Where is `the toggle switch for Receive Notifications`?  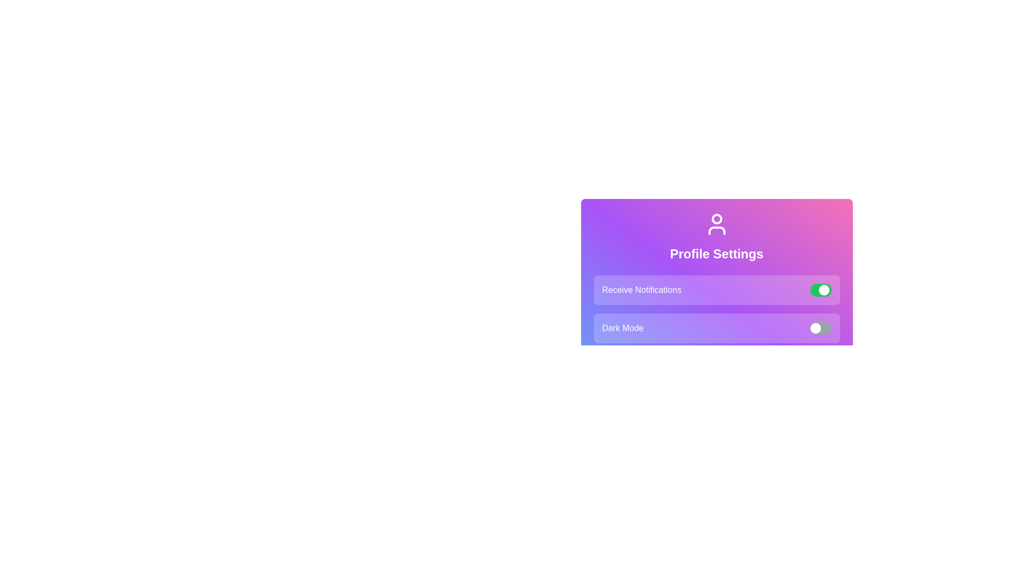
the toggle switch for Receive Notifications is located at coordinates (820, 290).